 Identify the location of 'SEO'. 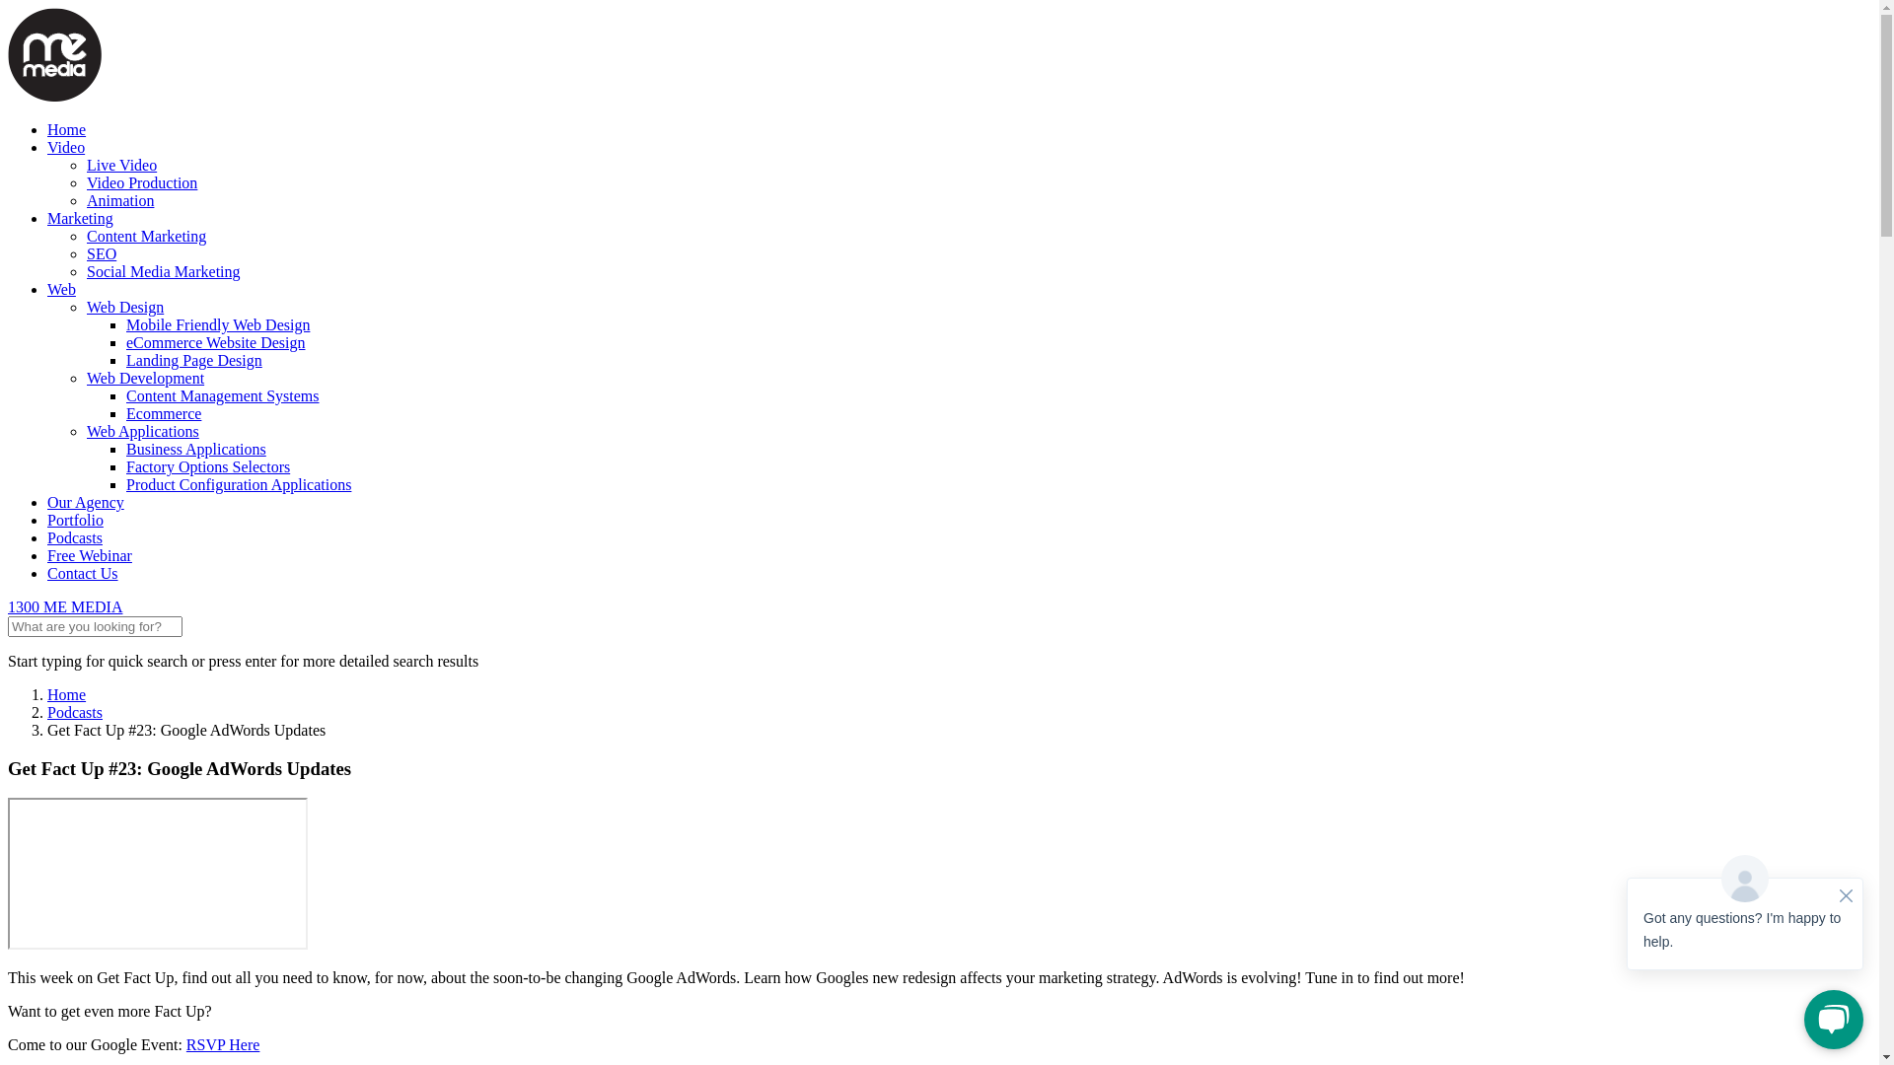
(100, 252).